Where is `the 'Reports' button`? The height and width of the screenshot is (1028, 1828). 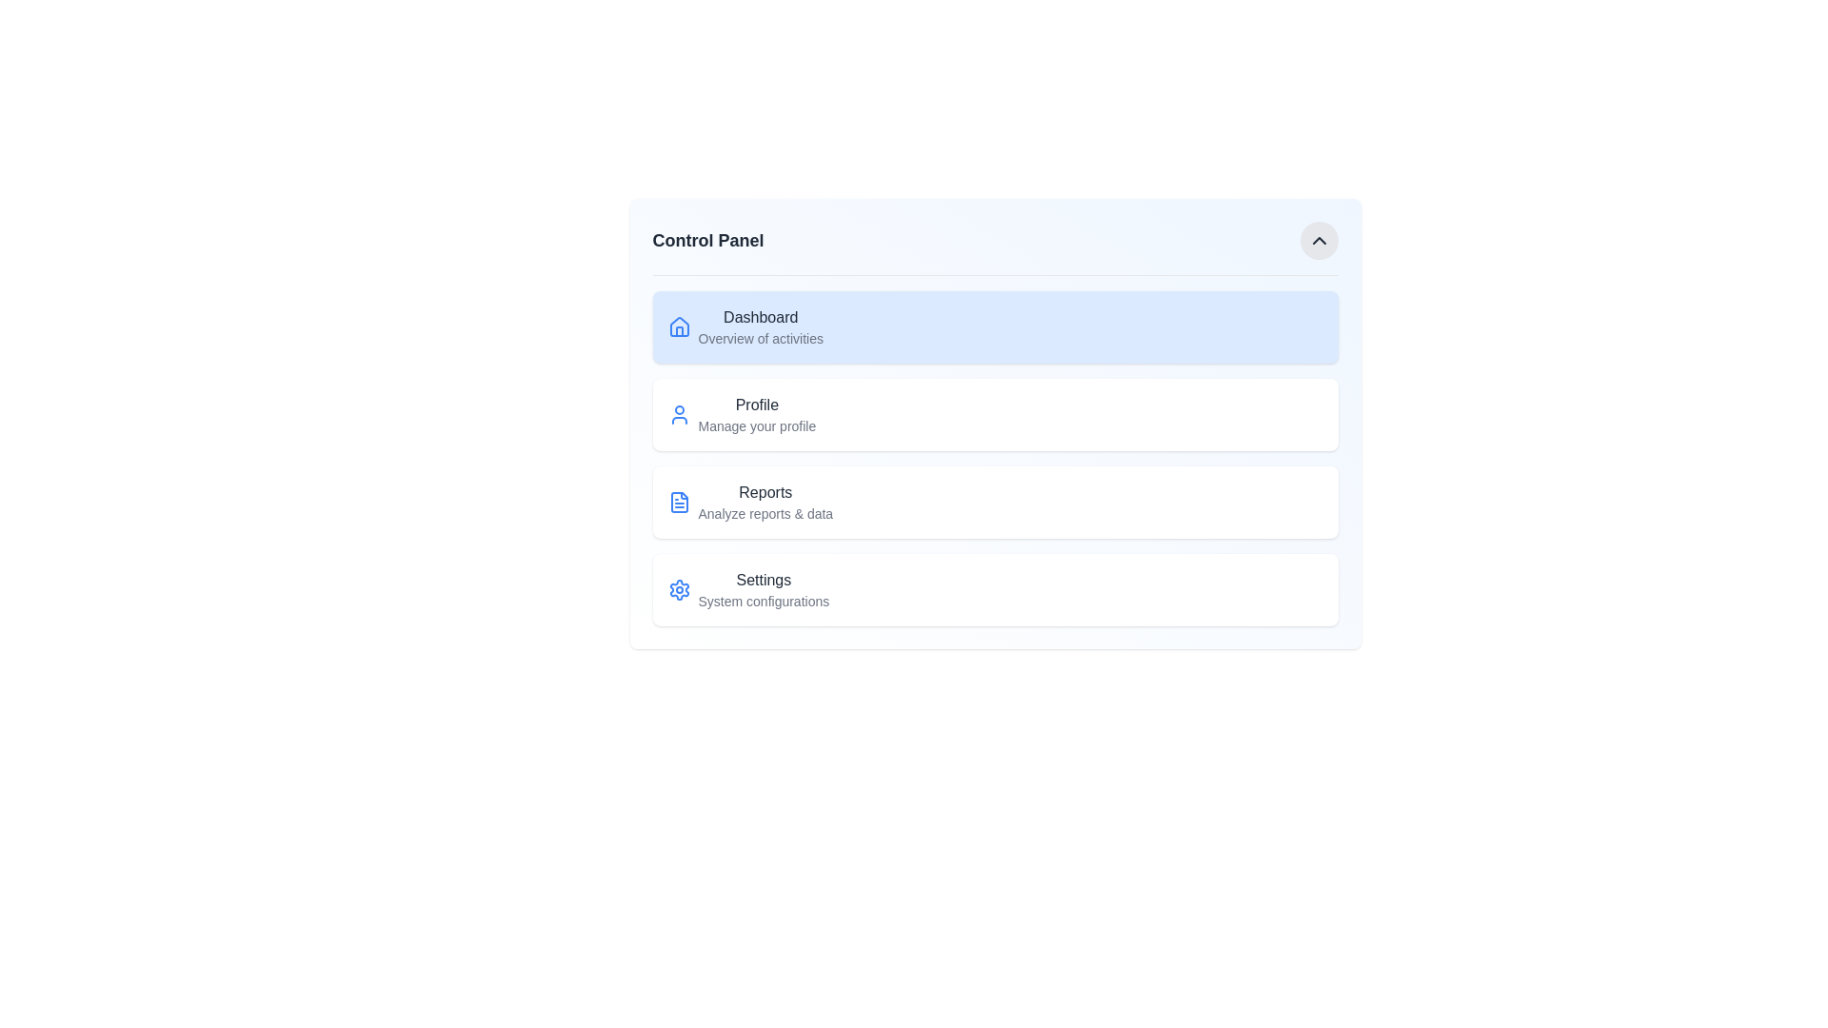 the 'Reports' button is located at coordinates (765, 502).